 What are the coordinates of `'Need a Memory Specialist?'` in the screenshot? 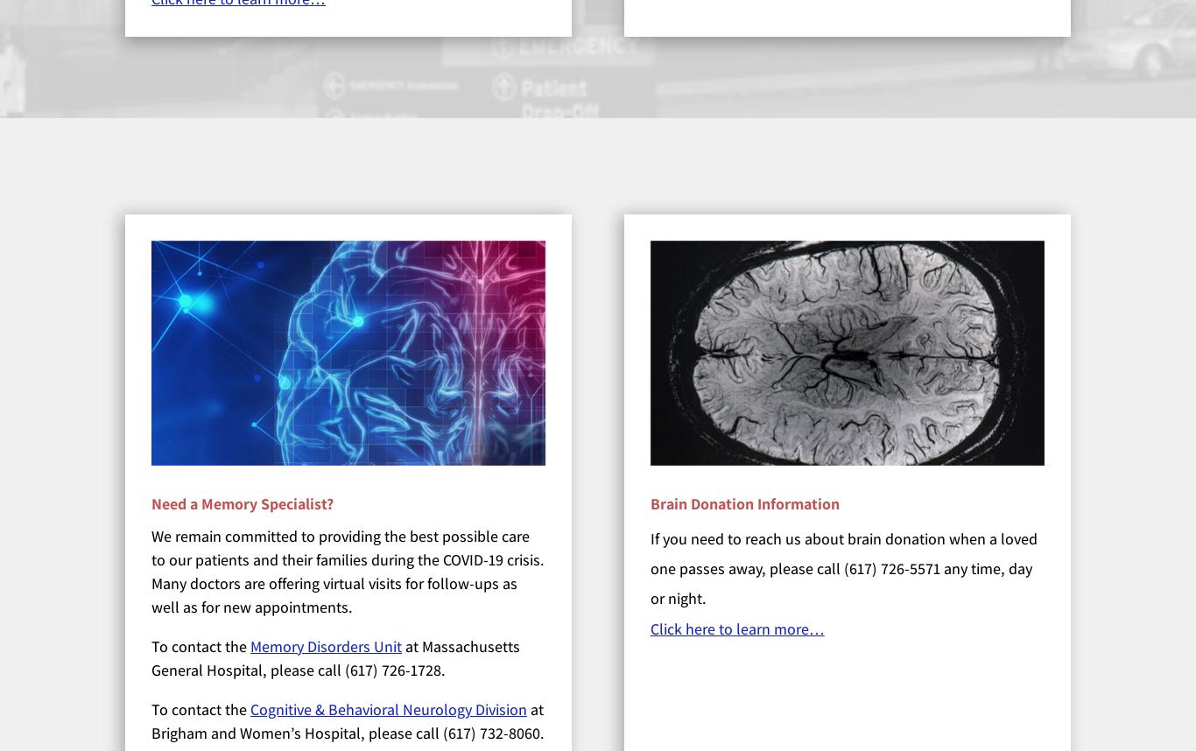 It's located at (243, 502).